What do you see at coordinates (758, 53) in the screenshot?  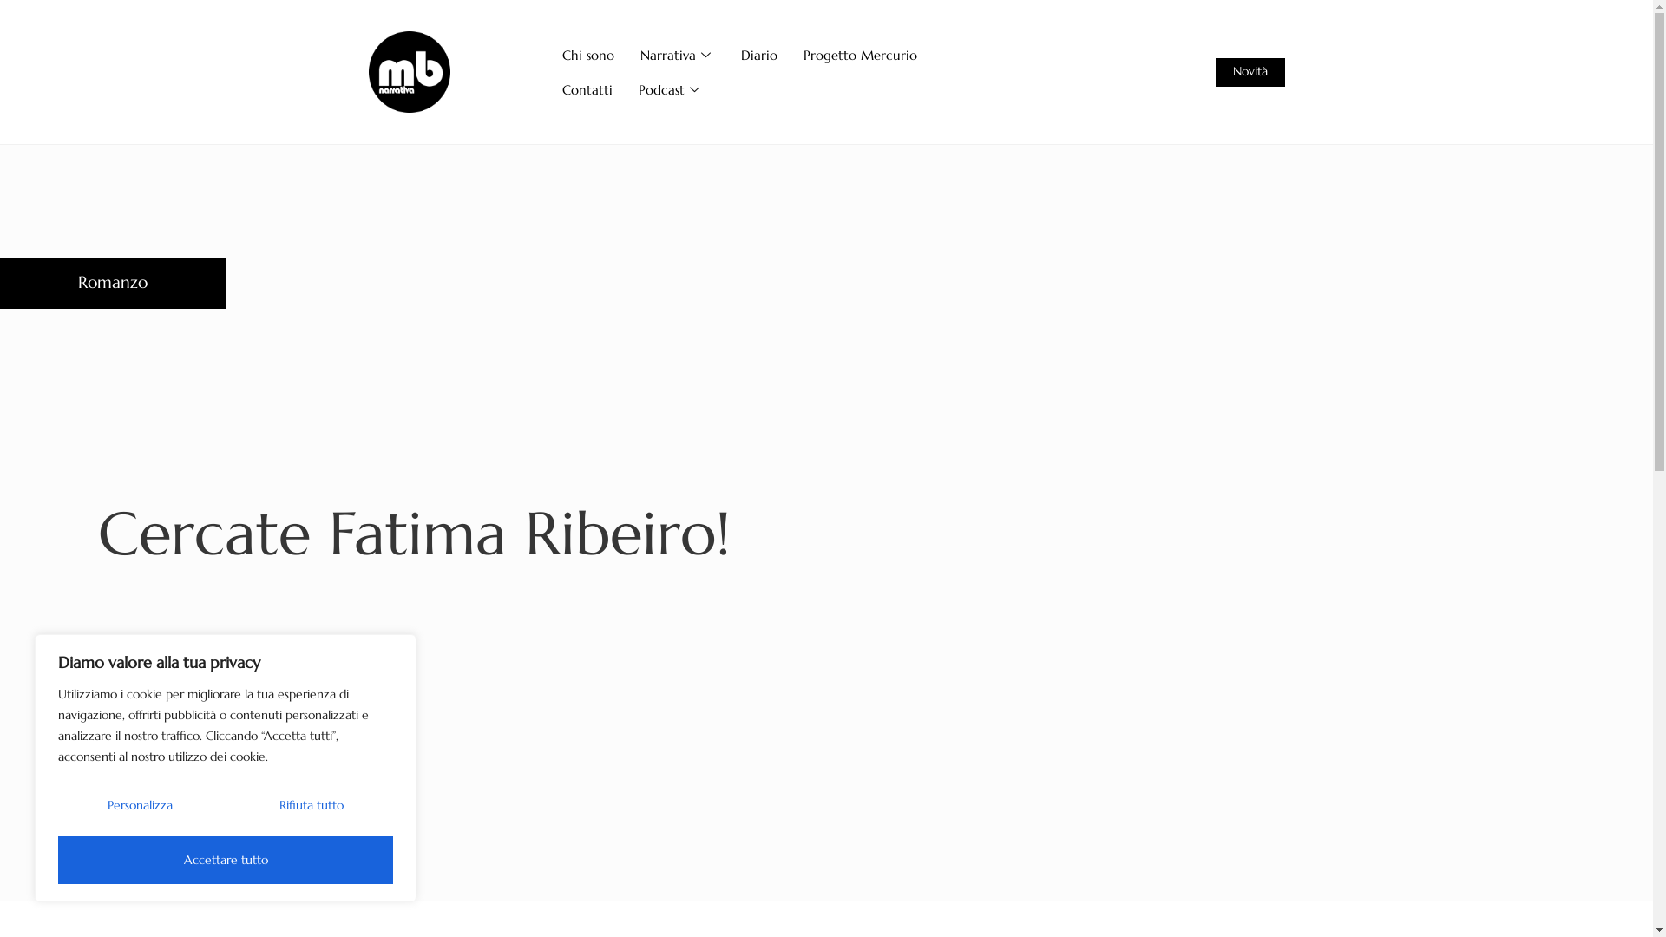 I see `'Diario'` at bounding box center [758, 53].